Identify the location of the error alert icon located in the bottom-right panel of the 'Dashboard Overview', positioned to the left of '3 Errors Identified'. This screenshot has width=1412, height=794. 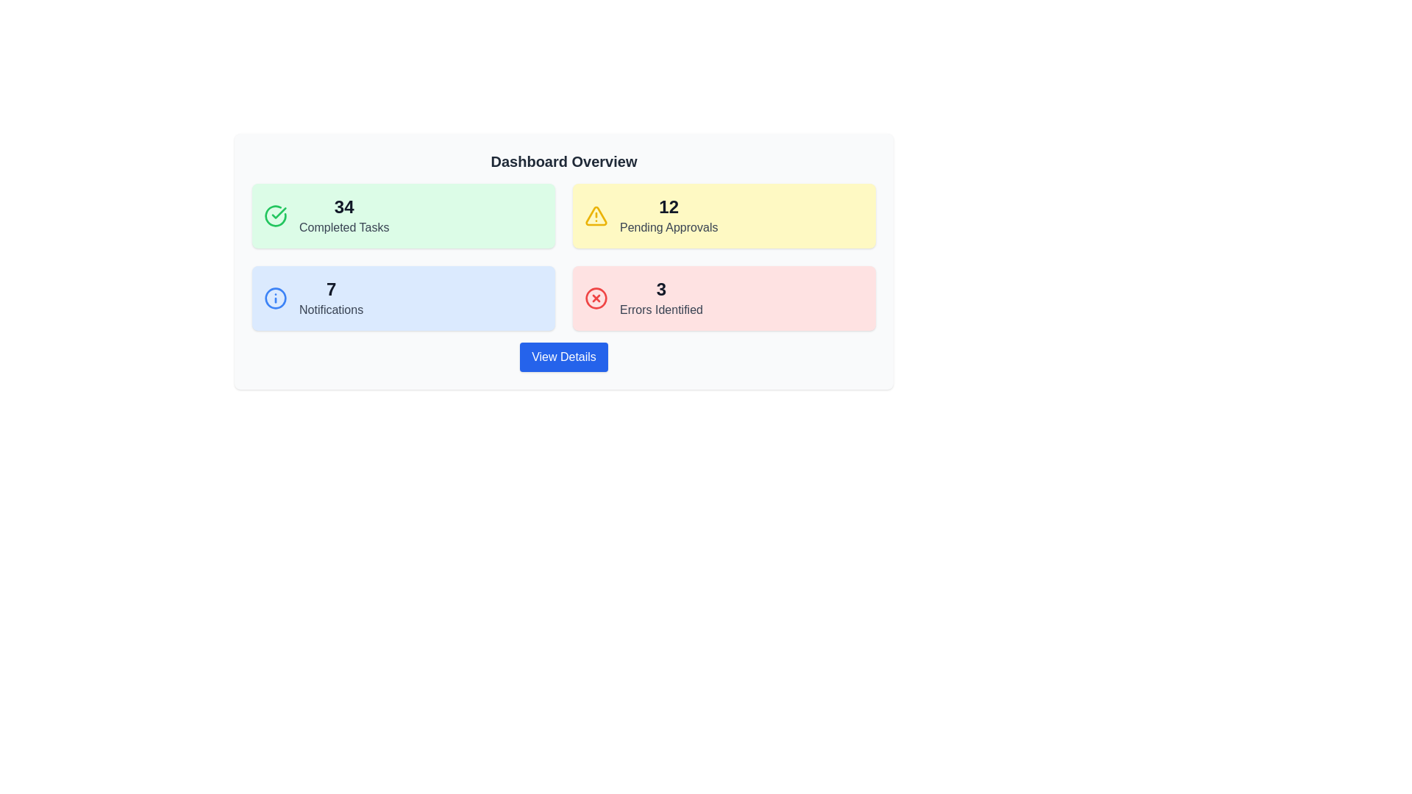
(596, 298).